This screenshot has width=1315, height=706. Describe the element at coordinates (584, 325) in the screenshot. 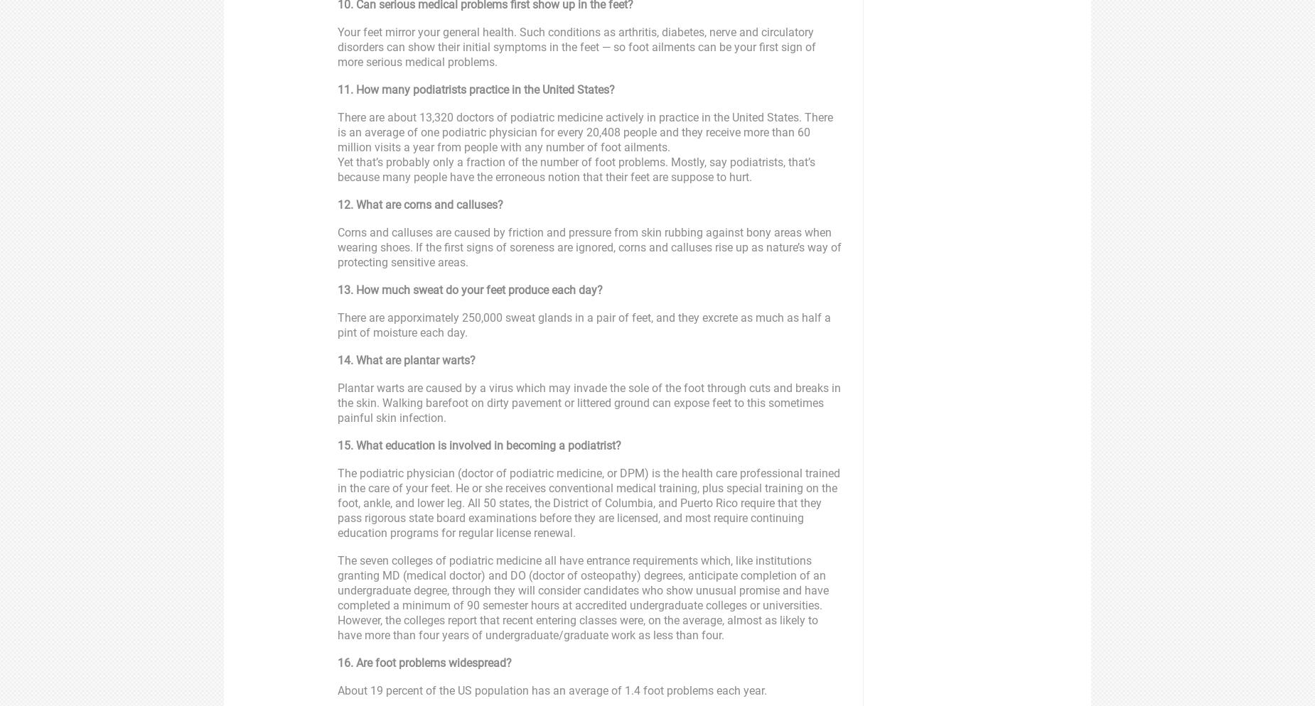

I see `'There are apporximately 250,000 sweat glands in a pair of feet, and they excrete as much as half a pint of moisture each day.'` at that location.